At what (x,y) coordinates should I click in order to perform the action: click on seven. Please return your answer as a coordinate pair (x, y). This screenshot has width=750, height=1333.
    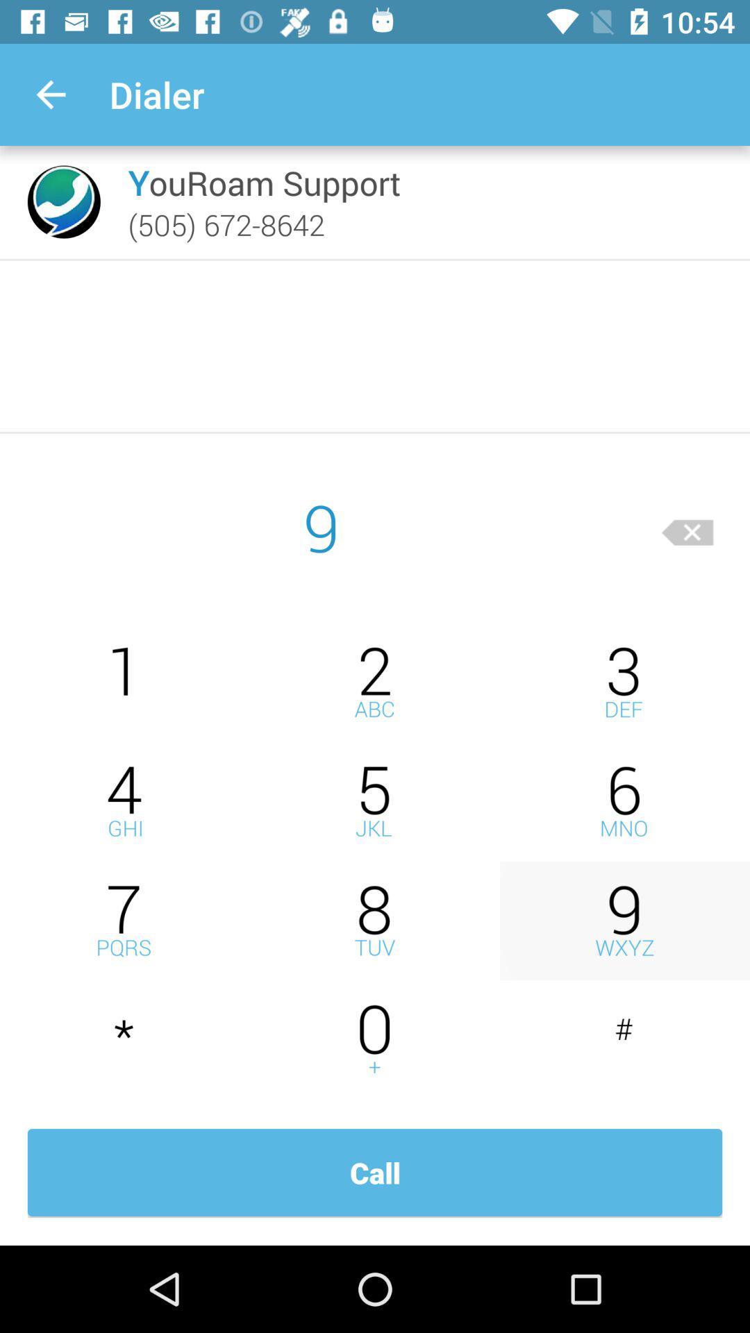
    Looking at the image, I should click on (125, 921).